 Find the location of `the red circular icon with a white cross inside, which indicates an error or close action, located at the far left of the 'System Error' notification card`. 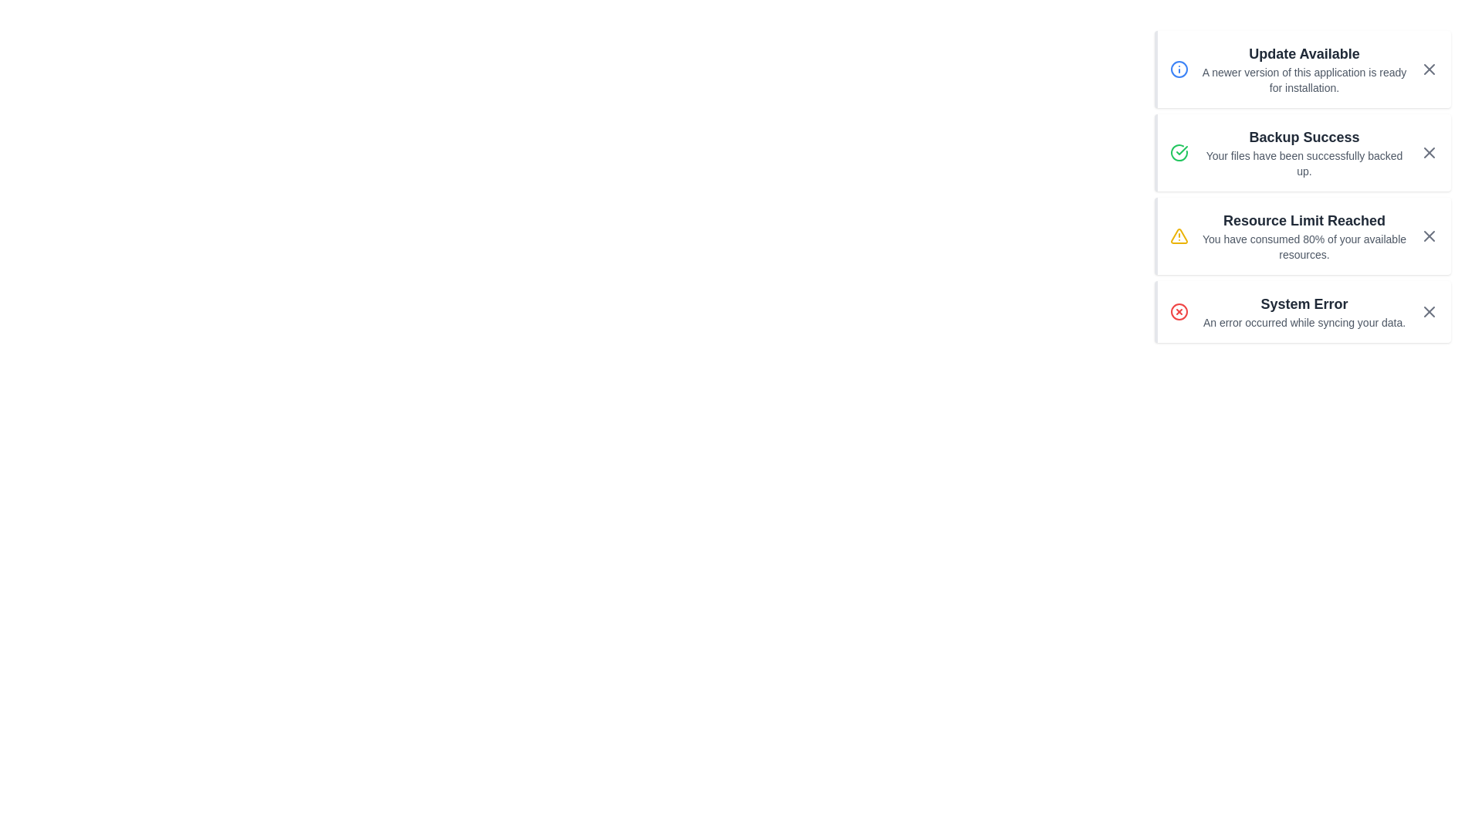

the red circular icon with a white cross inside, which indicates an error or close action, located at the far left of the 'System Error' notification card is located at coordinates (1178, 312).